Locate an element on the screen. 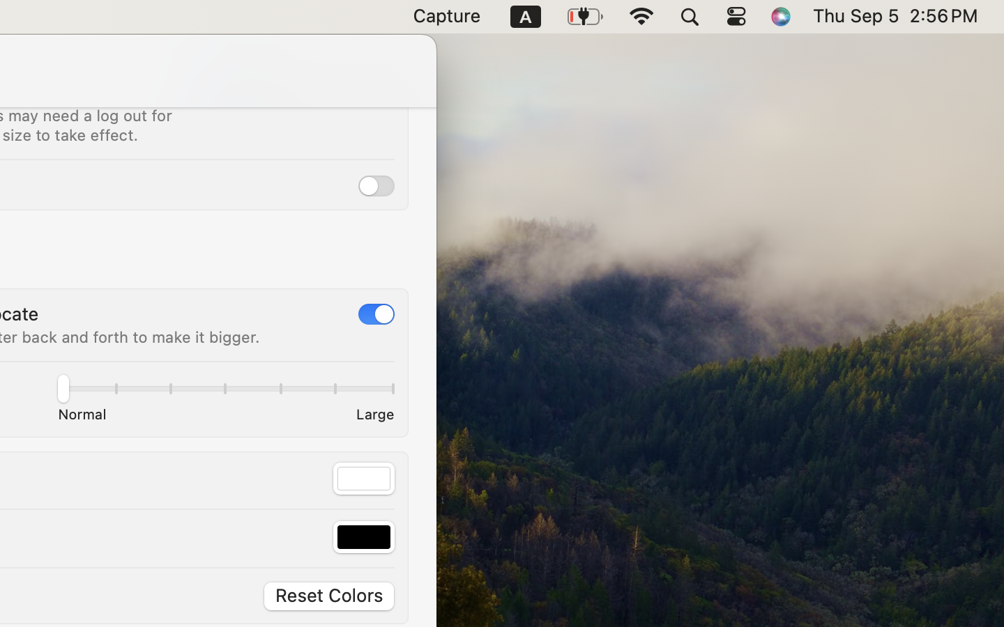  'rgb 1 1 1 1' is located at coordinates (363, 477).